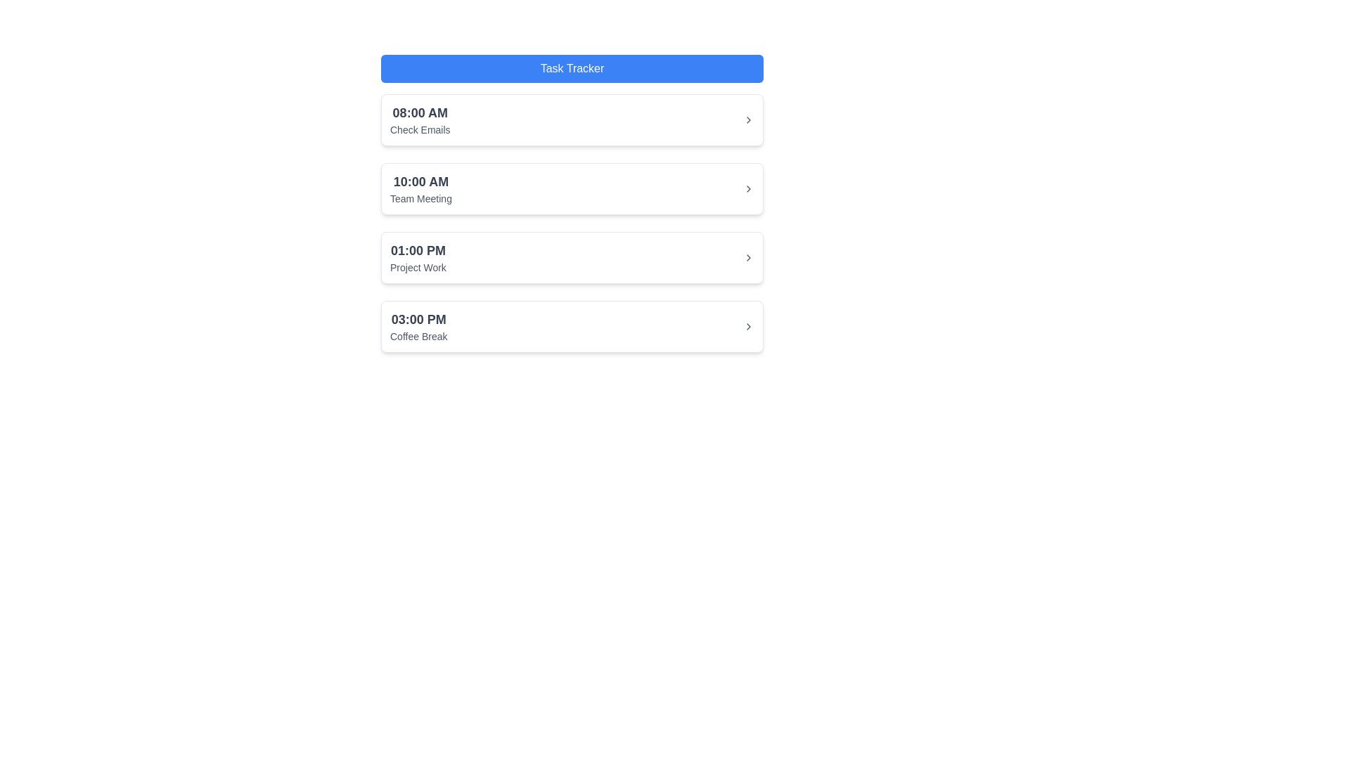 Image resolution: width=1350 pixels, height=759 pixels. I want to click on the Chevron icon next to '10:00 AM Team Meeting', so click(748, 188).